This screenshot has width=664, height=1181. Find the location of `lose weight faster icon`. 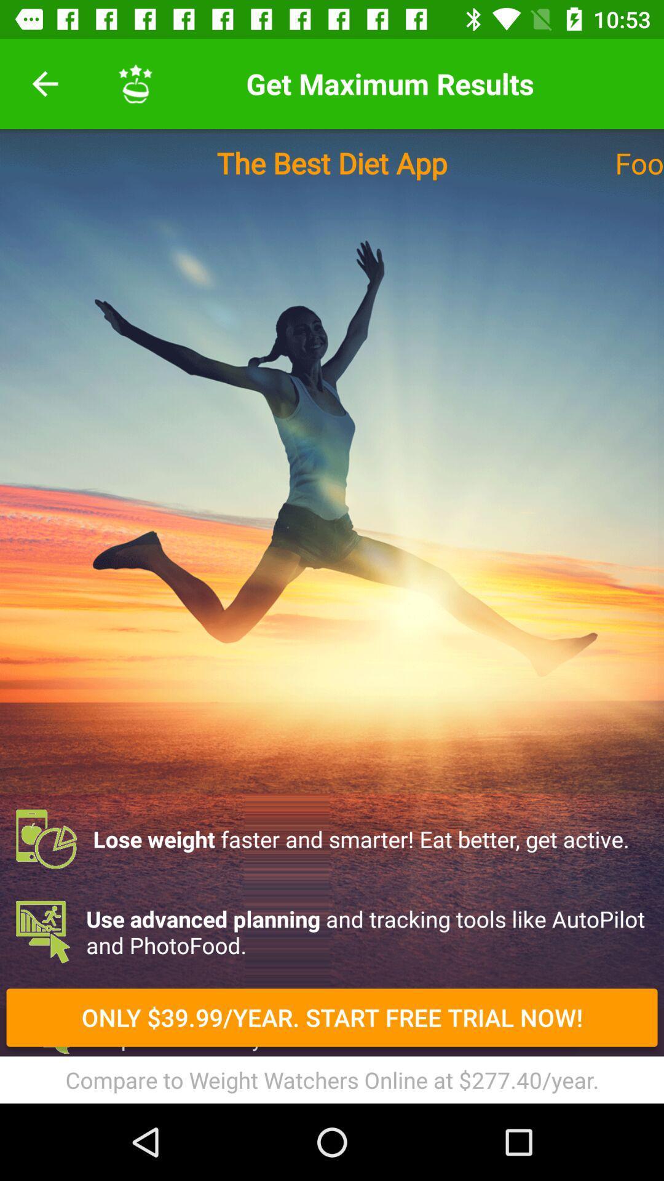

lose weight faster icon is located at coordinates (332, 838).